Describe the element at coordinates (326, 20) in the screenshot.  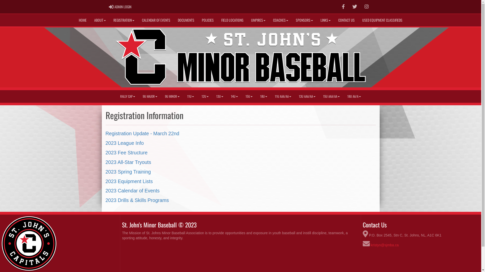
I see `'LINKS'` at that location.